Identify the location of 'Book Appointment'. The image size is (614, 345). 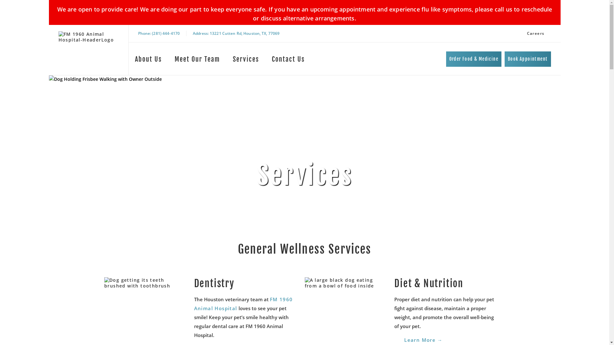
(528, 59).